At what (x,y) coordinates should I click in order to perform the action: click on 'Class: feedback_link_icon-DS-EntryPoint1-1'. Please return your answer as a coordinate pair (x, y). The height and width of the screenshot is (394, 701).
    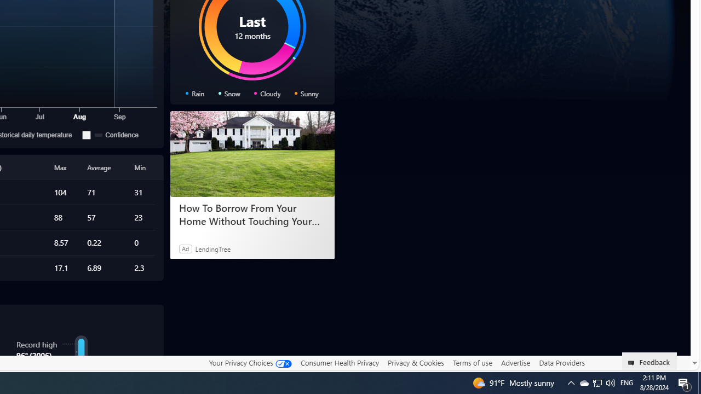
    Looking at the image, I should click on (633, 363).